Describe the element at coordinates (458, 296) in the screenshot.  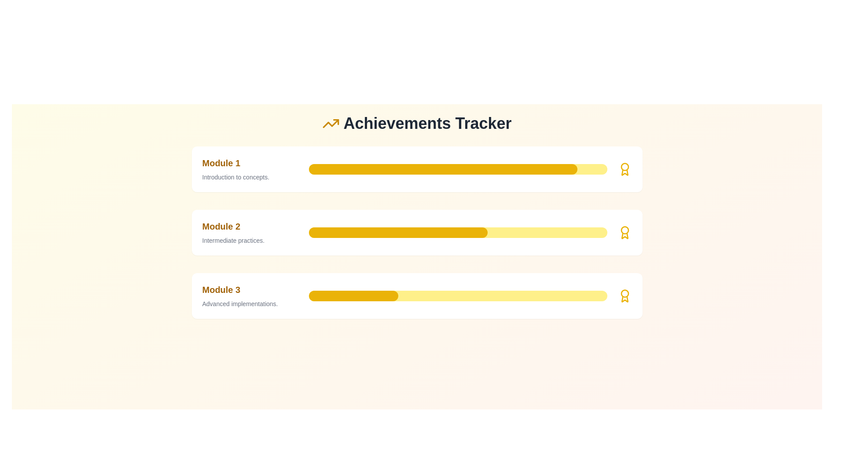
I see `the progress bar for Module 3` at that location.